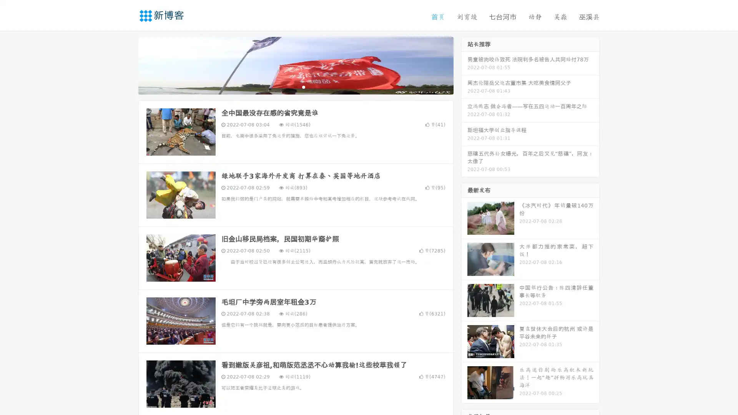 This screenshot has height=415, width=738. What do you see at coordinates (288, 86) in the screenshot?
I see `Go to slide 1` at bounding box center [288, 86].